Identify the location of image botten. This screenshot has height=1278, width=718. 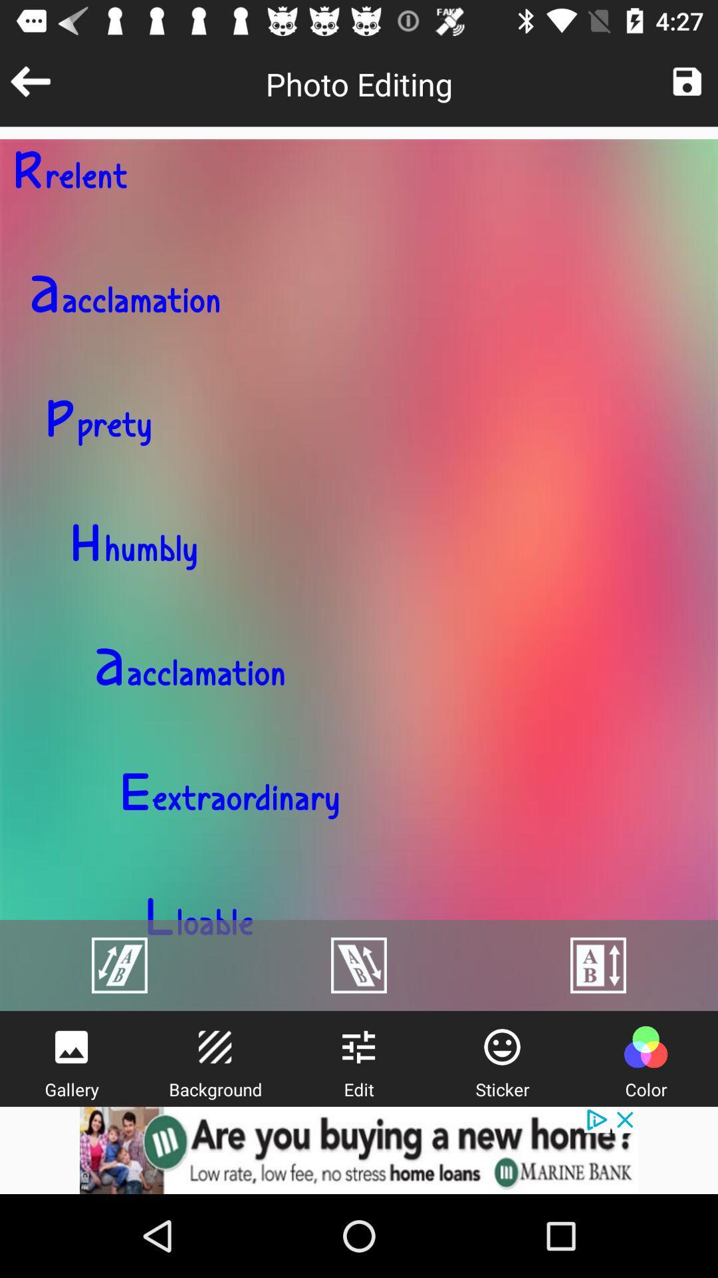
(687, 81).